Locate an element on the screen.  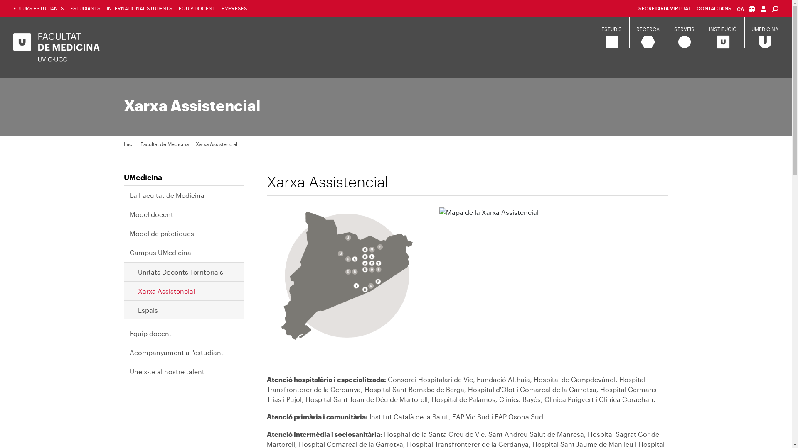
'Campus UMedicina' is located at coordinates (129, 252).